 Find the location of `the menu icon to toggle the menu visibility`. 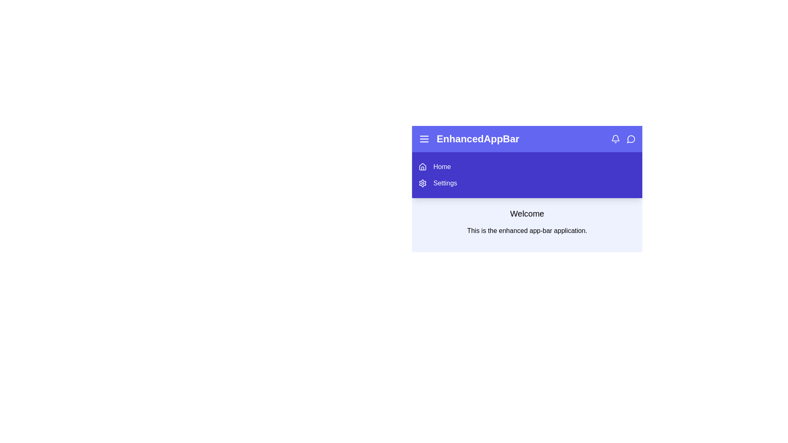

the menu icon to toggle the menu visibility is located at coordinates (424, 139).